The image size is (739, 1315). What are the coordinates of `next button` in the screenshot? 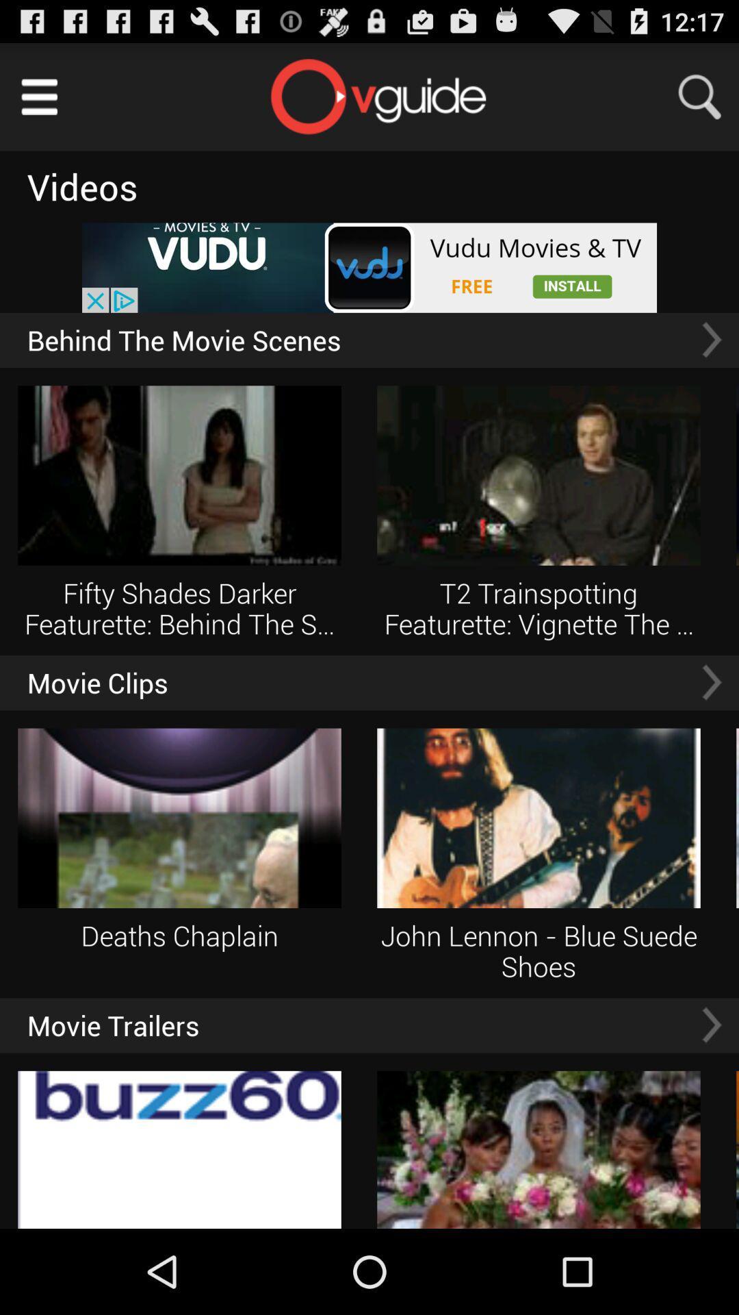 It's located at (711, 340).